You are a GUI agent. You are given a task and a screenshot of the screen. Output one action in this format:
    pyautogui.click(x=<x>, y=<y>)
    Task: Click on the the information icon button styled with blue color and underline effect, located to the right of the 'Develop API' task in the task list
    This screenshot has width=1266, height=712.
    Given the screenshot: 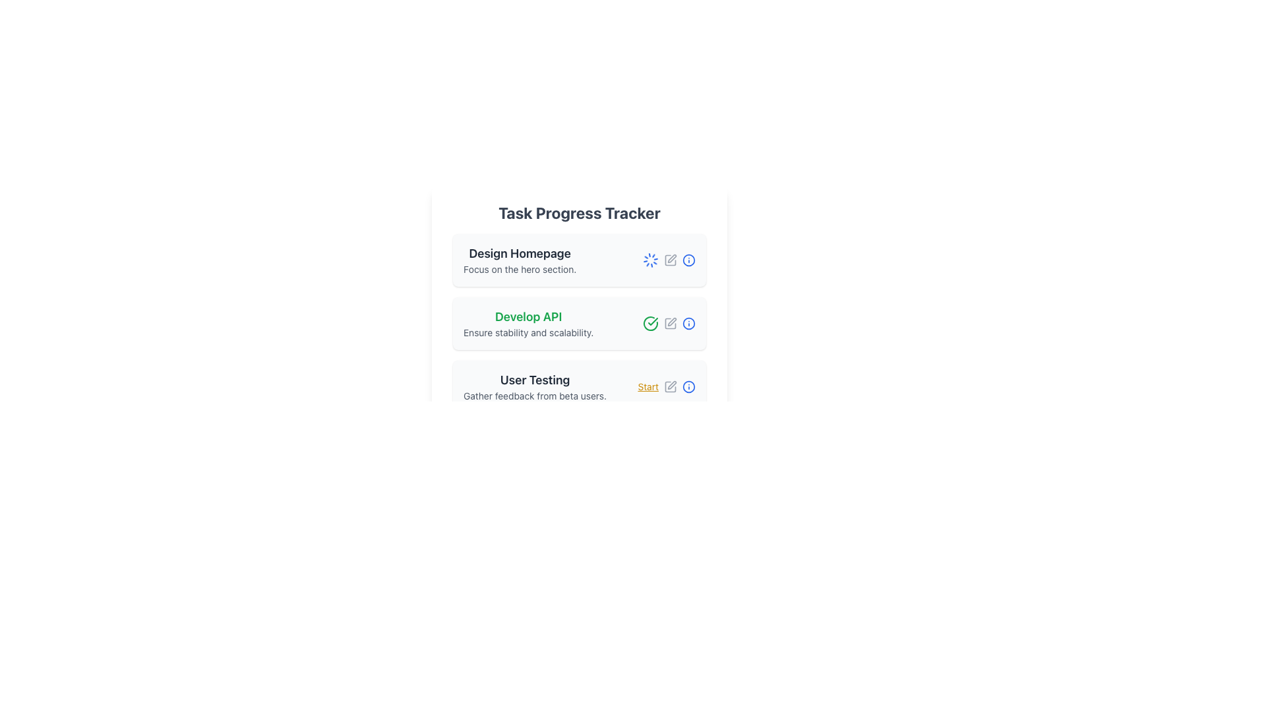 What is the action you would take?
    pyautogui.click(x=688, y=260)
    